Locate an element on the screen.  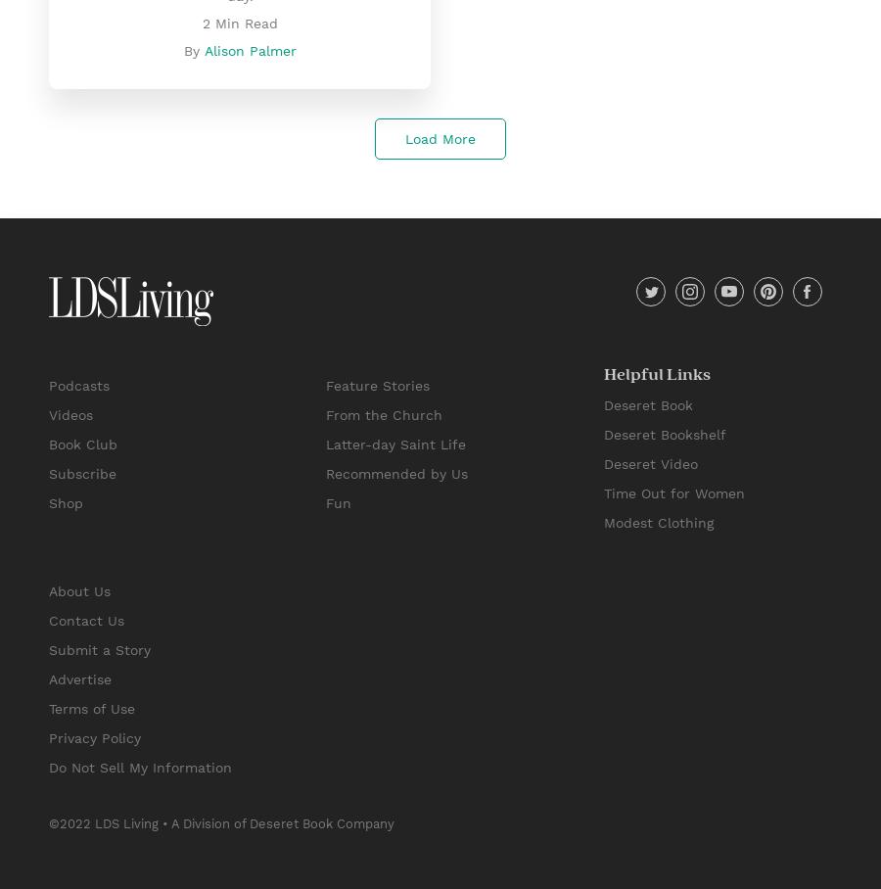
'Load More' is located at coordinates (440, 138).